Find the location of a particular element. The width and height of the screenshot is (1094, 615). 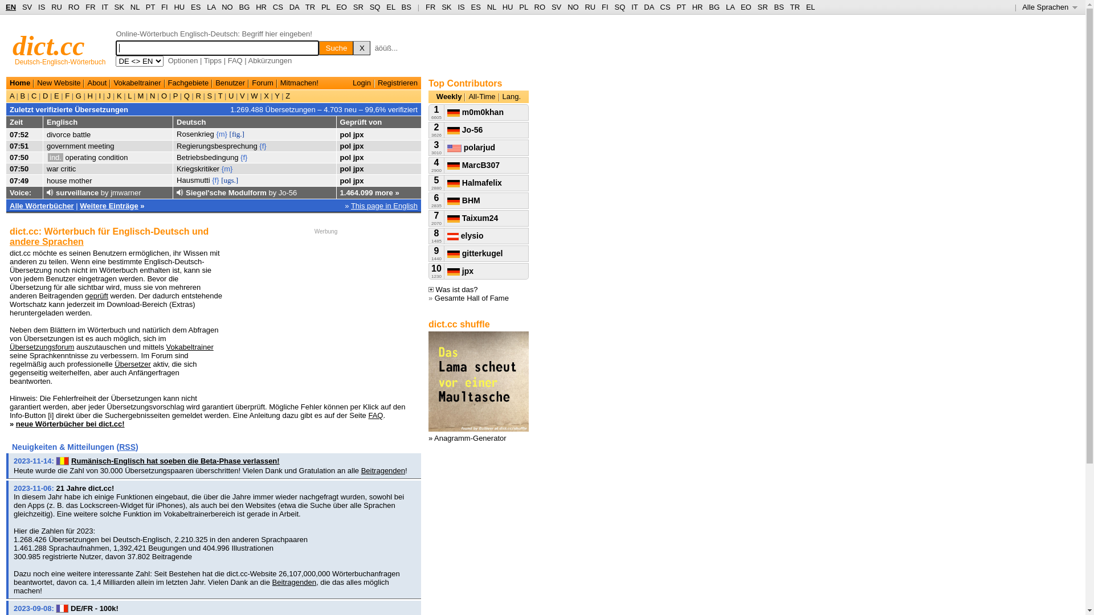

'PL' is located at coordinates (519, 7).